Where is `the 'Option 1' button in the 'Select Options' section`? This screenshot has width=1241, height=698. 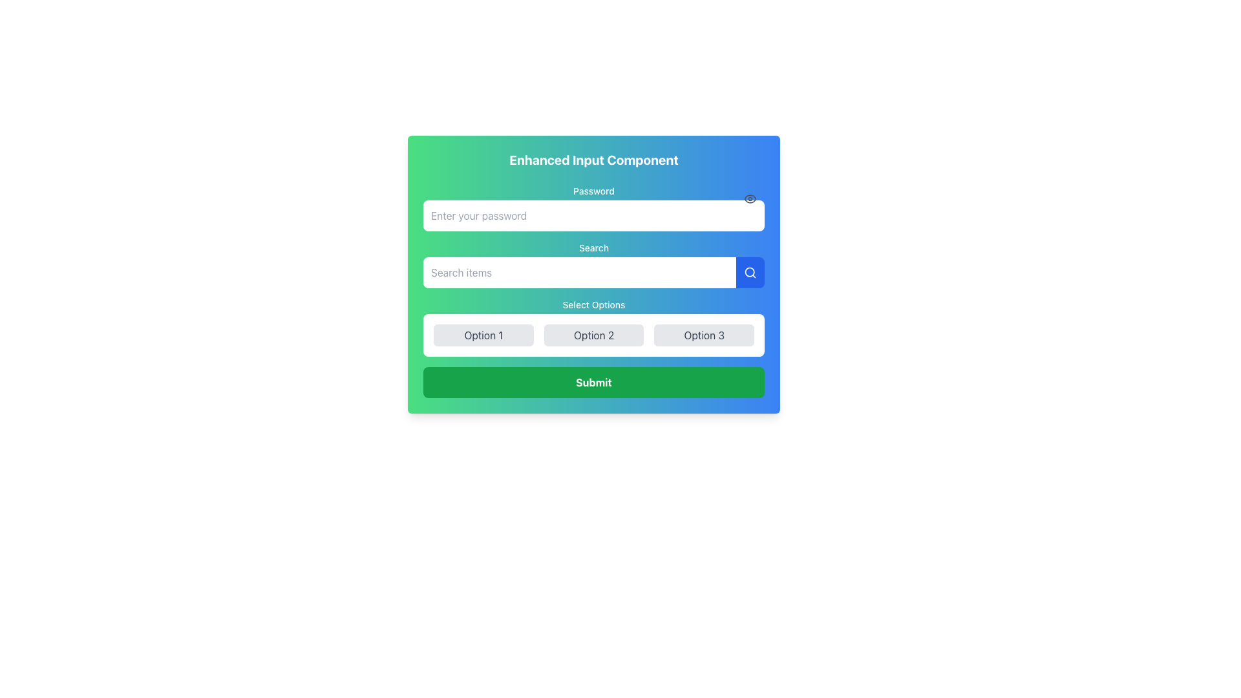
the 'Option 1' button in the 'Select Options' section is located at coordinates (483, 335).